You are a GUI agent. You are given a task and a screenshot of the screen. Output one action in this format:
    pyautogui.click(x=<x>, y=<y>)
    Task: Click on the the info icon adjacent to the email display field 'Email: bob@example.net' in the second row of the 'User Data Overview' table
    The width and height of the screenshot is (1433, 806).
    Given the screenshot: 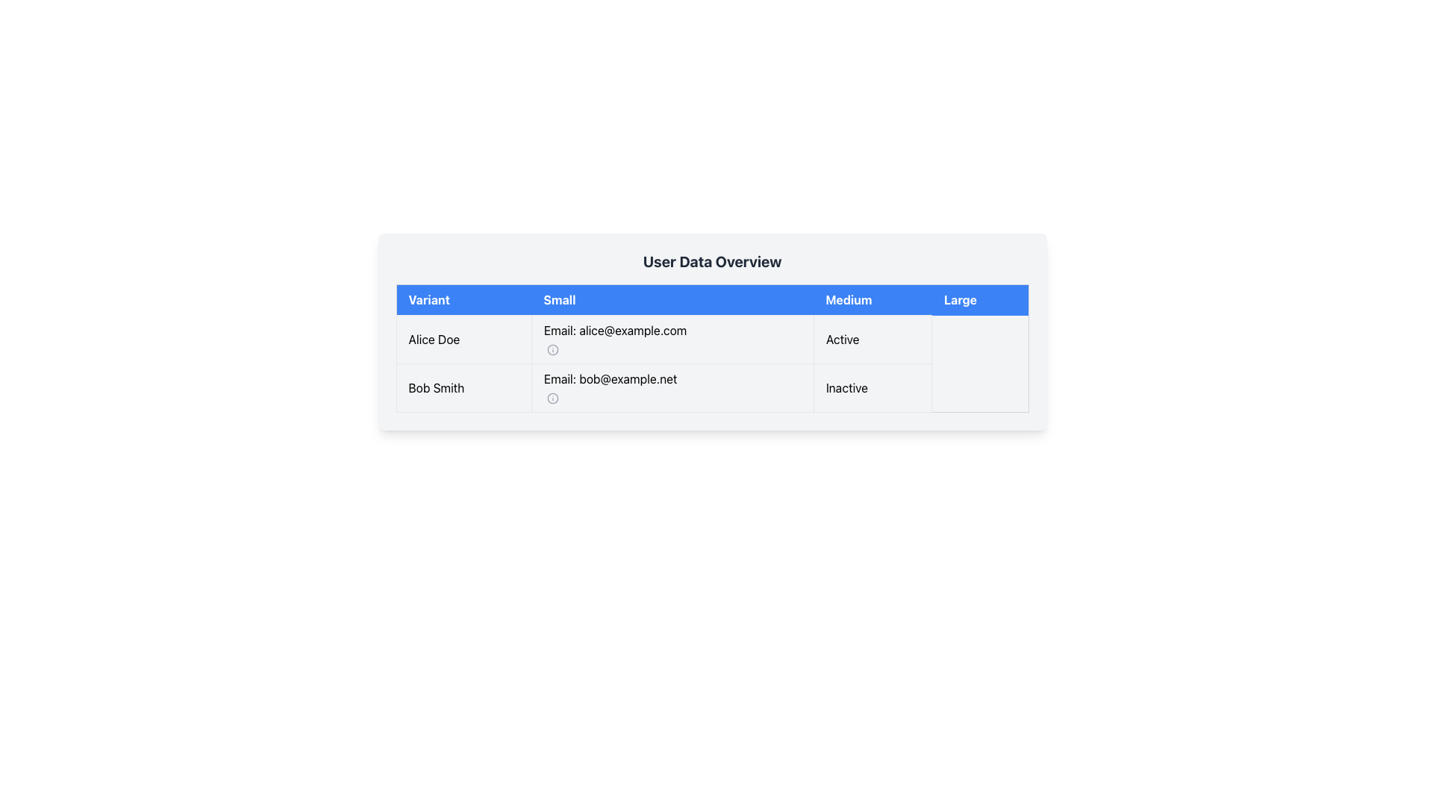 What is the action you would take?
    pyautogui.click(x=672, y=387)
    